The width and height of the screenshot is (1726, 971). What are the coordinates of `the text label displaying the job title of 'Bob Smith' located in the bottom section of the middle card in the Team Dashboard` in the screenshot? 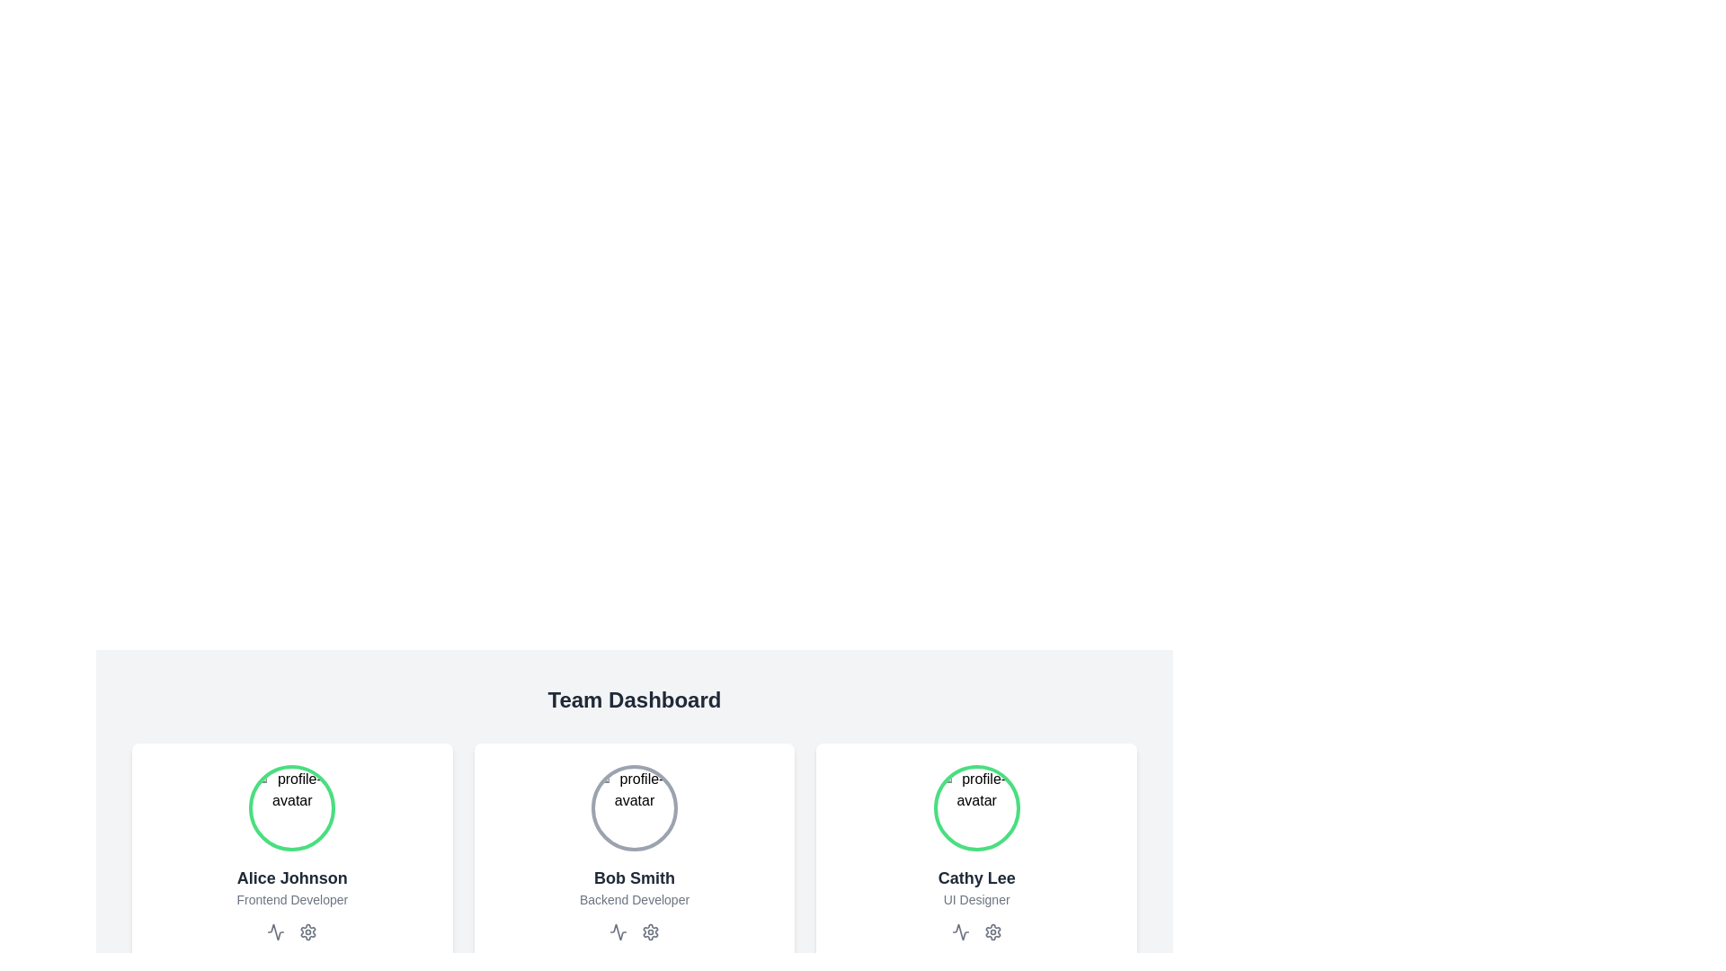 It's located at (634, 900).